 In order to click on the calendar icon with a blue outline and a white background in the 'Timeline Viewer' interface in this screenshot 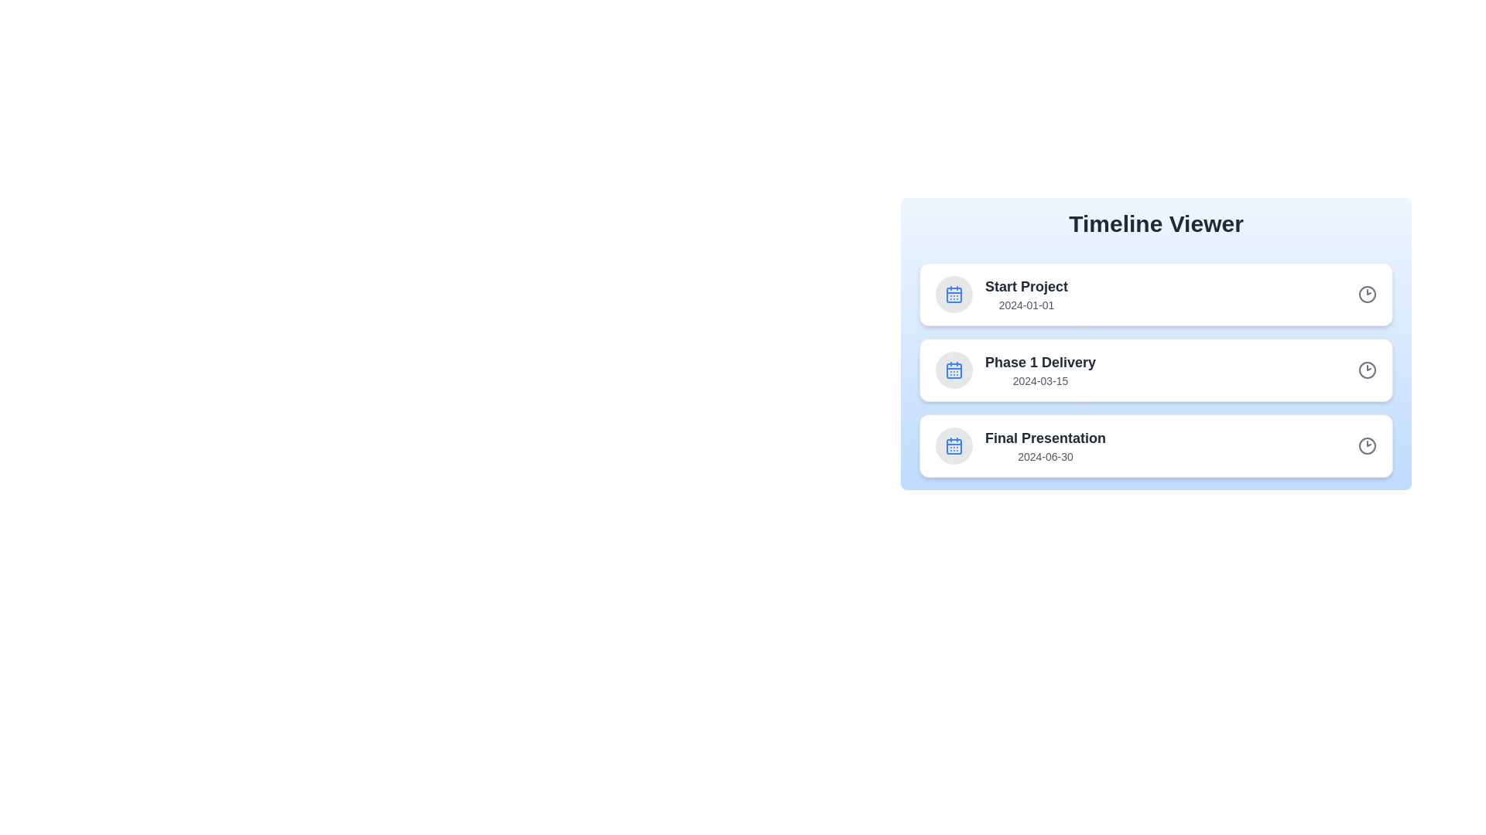, I will do `click(954, 370)`.